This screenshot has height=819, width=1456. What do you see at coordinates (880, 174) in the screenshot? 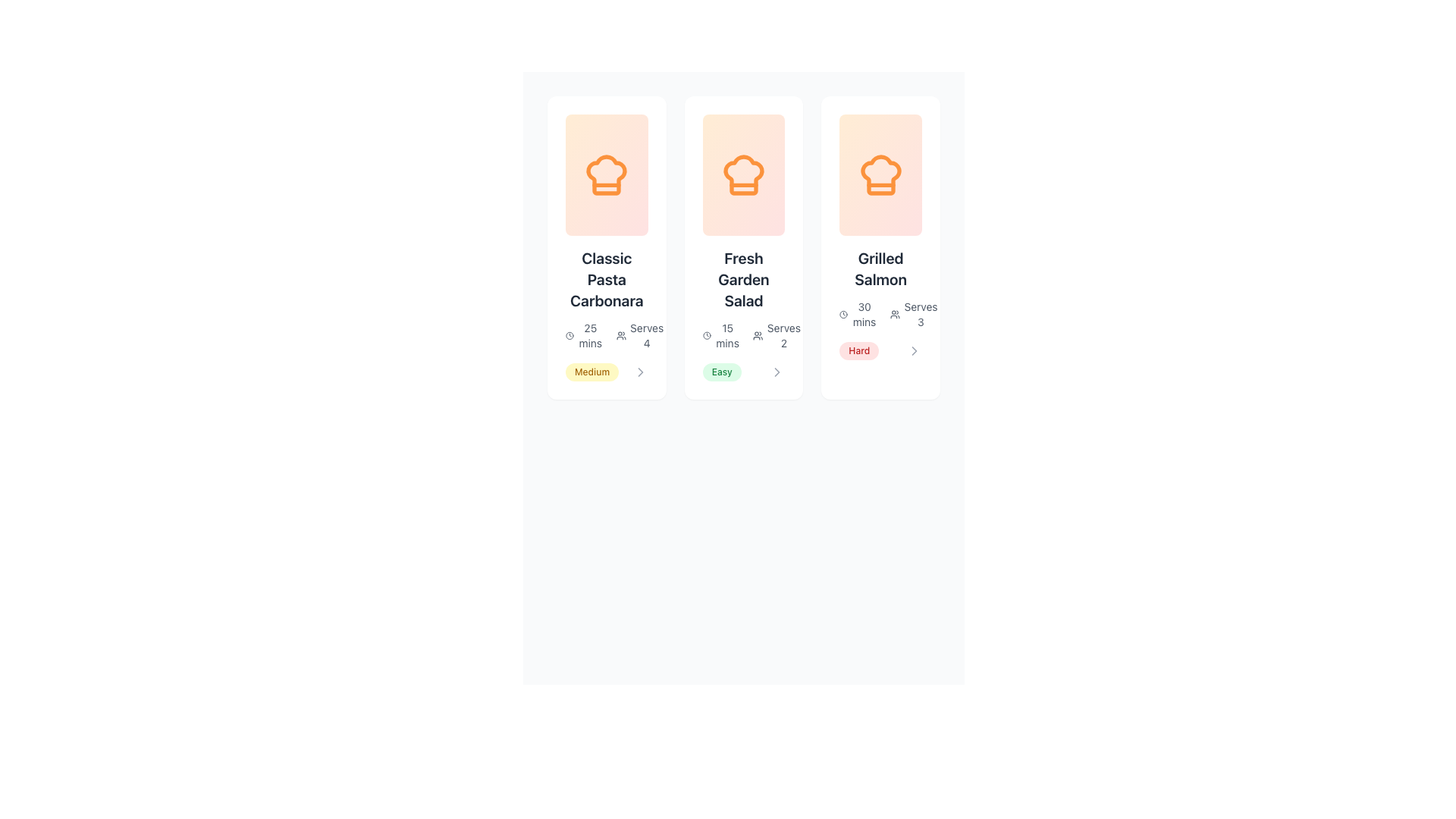
I see `the stylized chef's hat icon with a bold orange outline located in the top section of the 'Grilled Salmon' recipe card` at bounding box center [880, 174].